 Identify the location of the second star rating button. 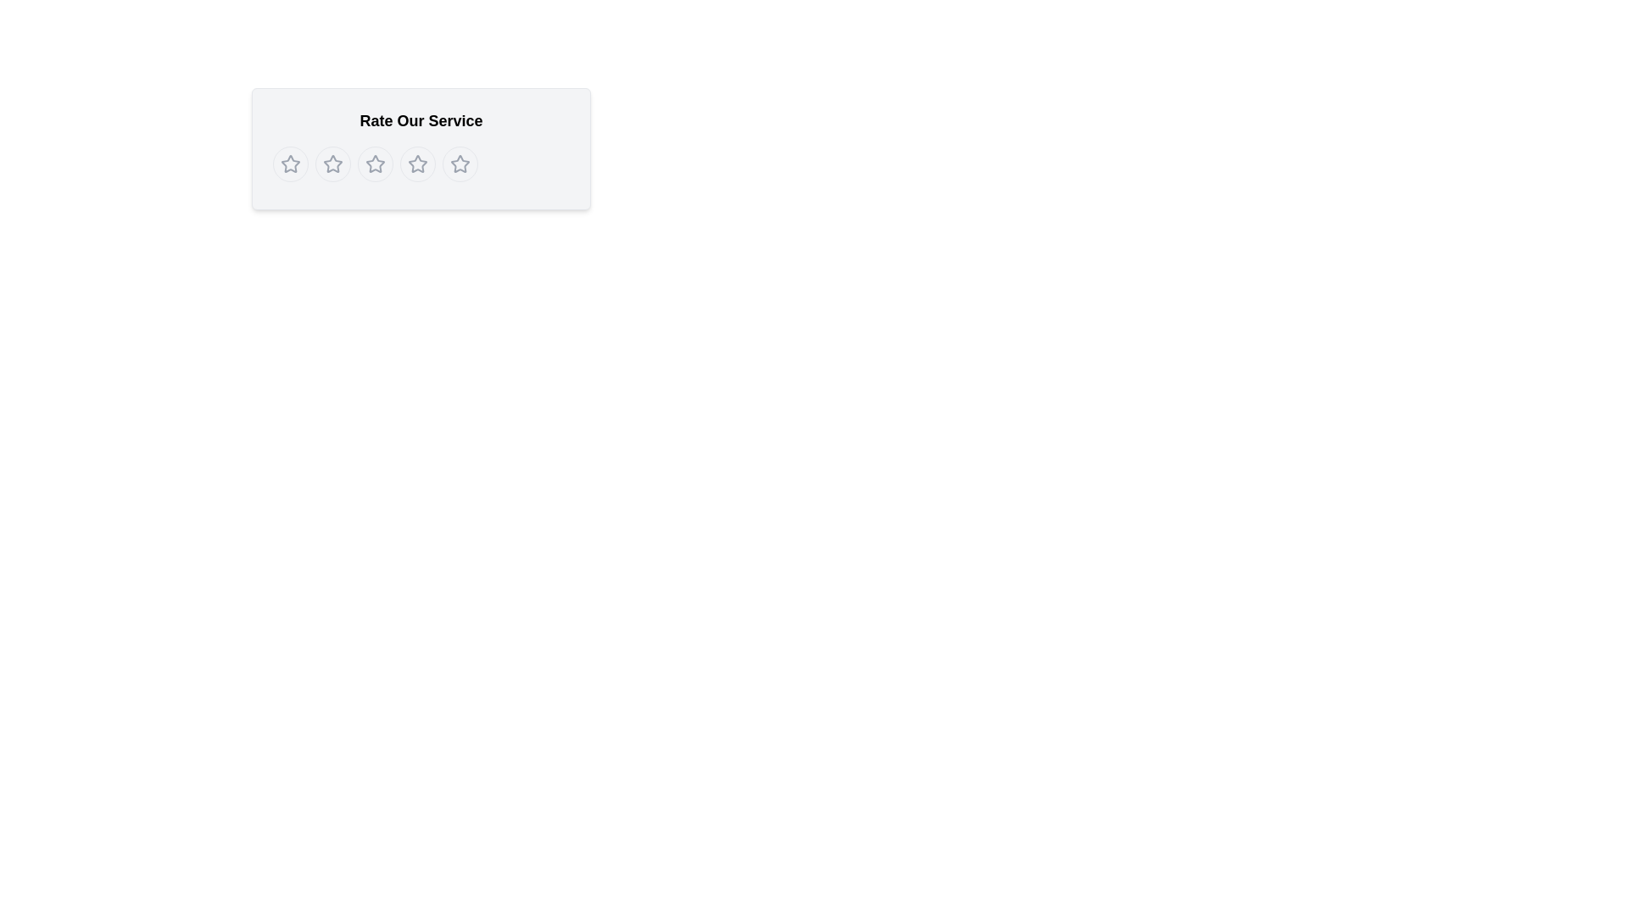
(333, 164).